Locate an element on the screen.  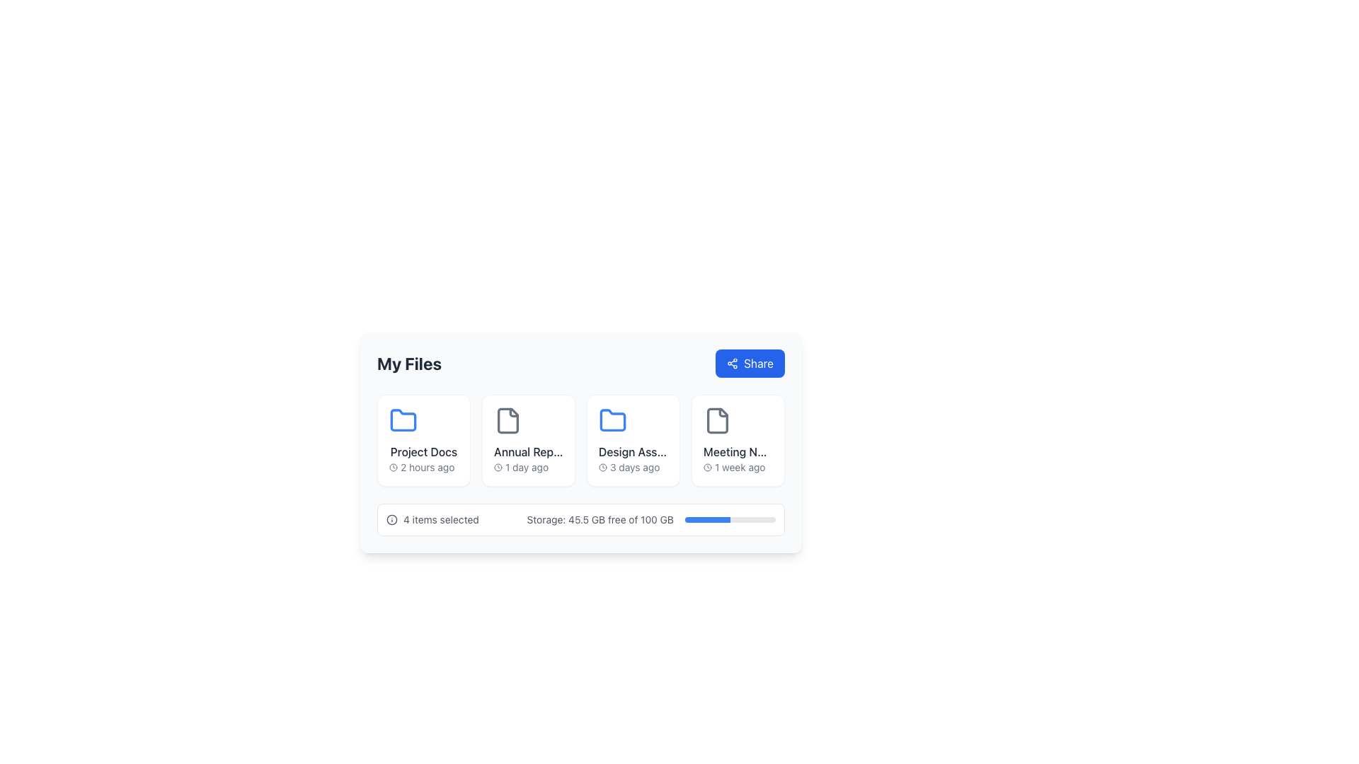
the SVG file icon graphic, which is the second item from the left in the file list under the 'My Files' header, specifically targeting the top-right corner of the icon is located at coordinates (513, 412).